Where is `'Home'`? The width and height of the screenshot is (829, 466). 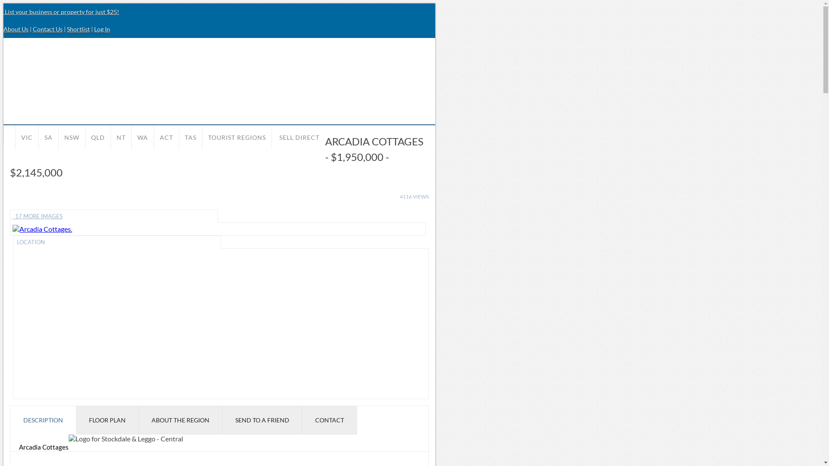
'Home' is located at coordinates (9, 133).